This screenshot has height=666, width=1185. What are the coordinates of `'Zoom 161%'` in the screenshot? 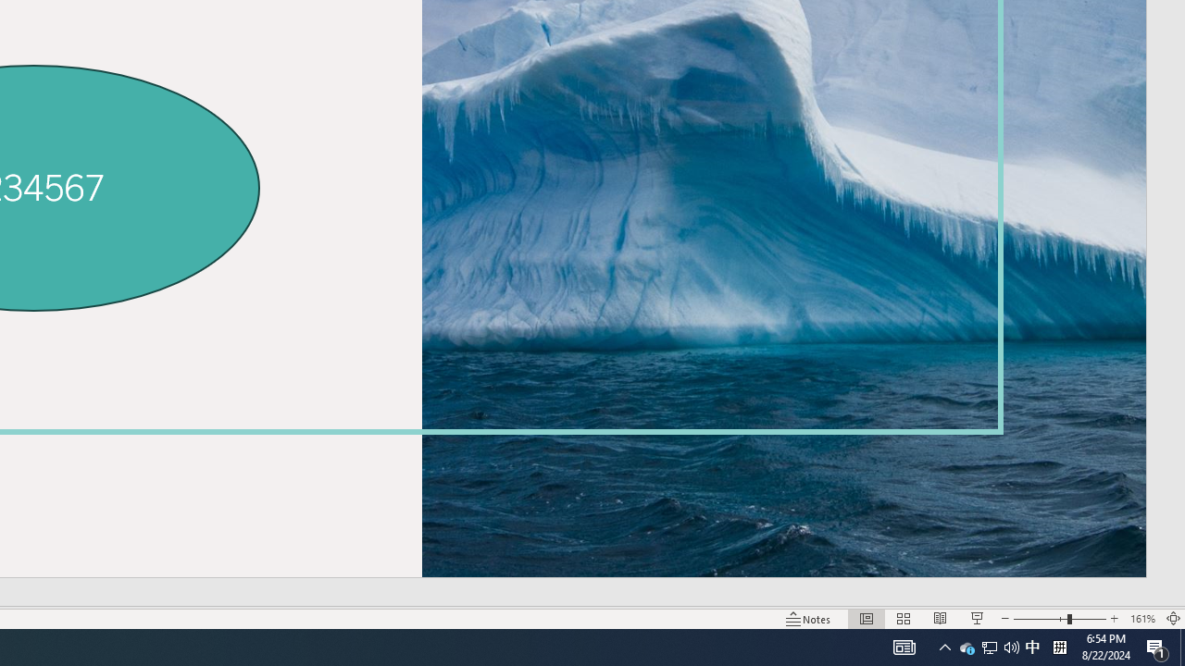 It's located at (1141, 619).